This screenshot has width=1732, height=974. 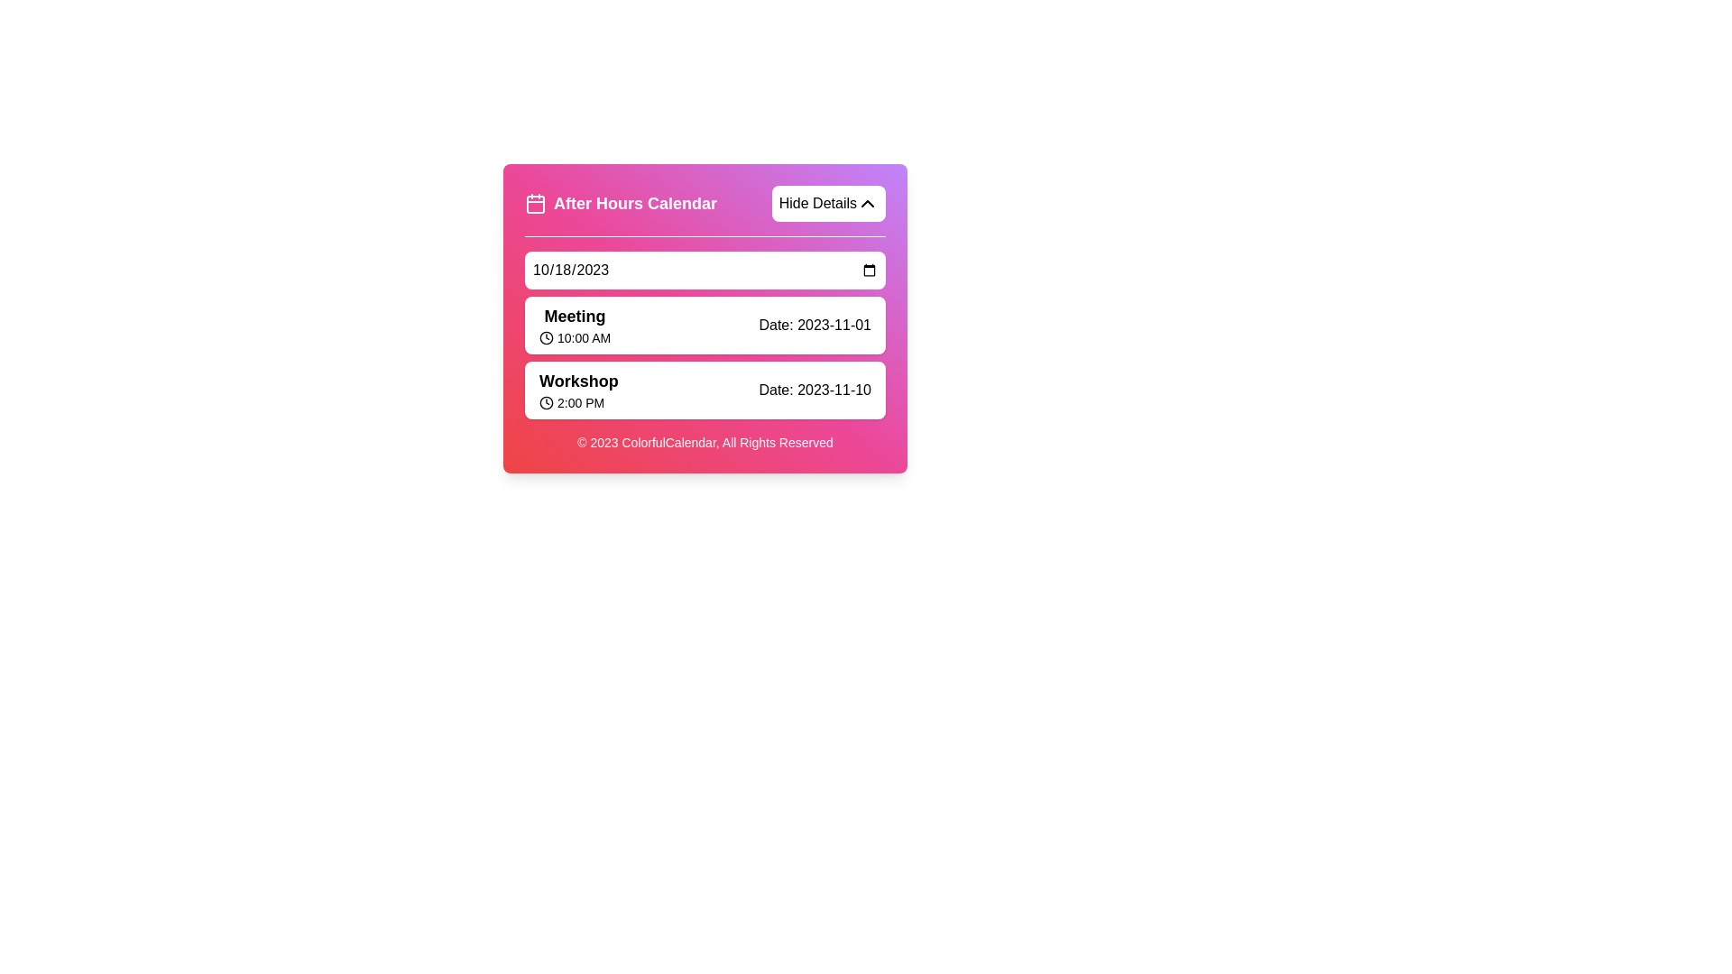 What do you see at coordinates (535, 204) in the screenshot?
I see `the pinkish rectangular region with rounded corners located within the top-left calendar icon in the header bar` at bounding box center [535, 204].